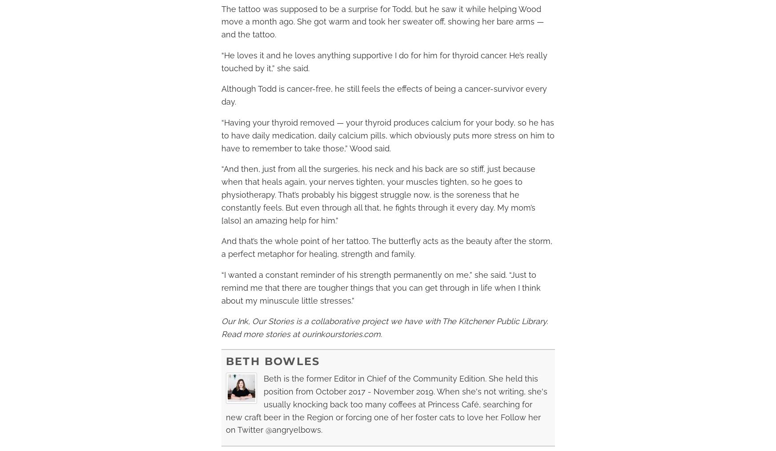 The height and width of the screenshot is (451, 776). Describe the element at coordinates (386, 248) in the screenshot. I see `'And that’s the whole point of her tattoo. The butterfly acts as the beauty after the storm, a perfect metaphor for healing, strength and family.'` at that location.